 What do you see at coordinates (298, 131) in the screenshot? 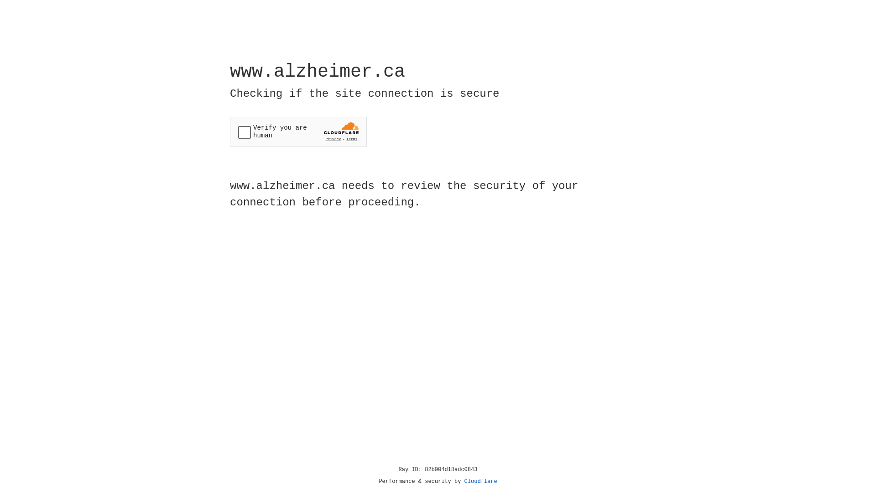
I see `'Widget containing a Cloudflare security challenge'` at bounding box center [298, 131].